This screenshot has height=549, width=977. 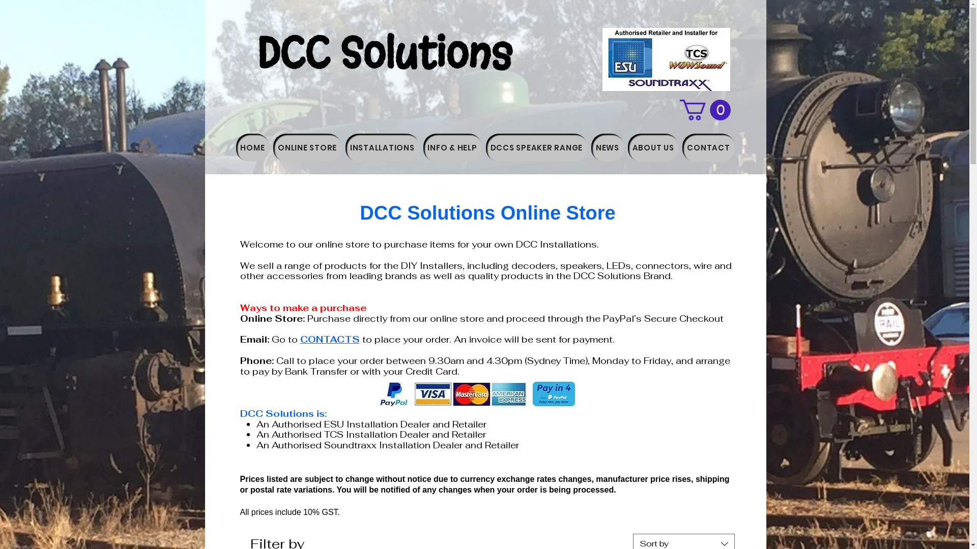 What do you see at coordinates (708, 147) in the screenshot?
I see `'CONTACT'` at bounding box center [708, 147].